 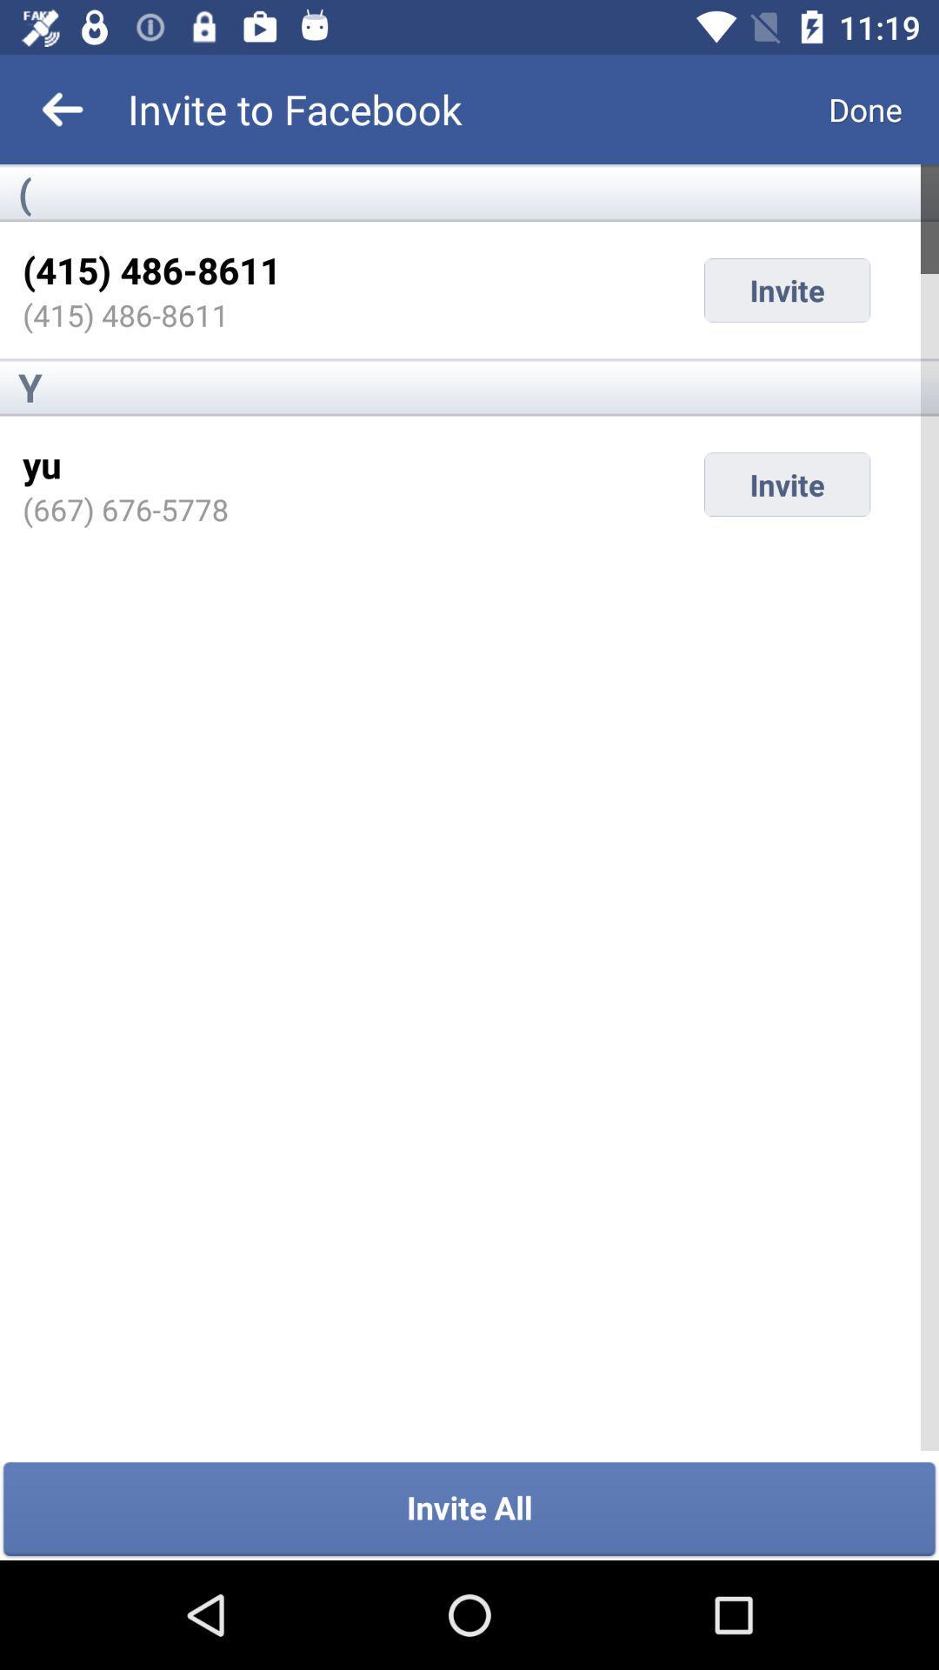 I want to click on item above invite all icon, so click(x=124, y=508).